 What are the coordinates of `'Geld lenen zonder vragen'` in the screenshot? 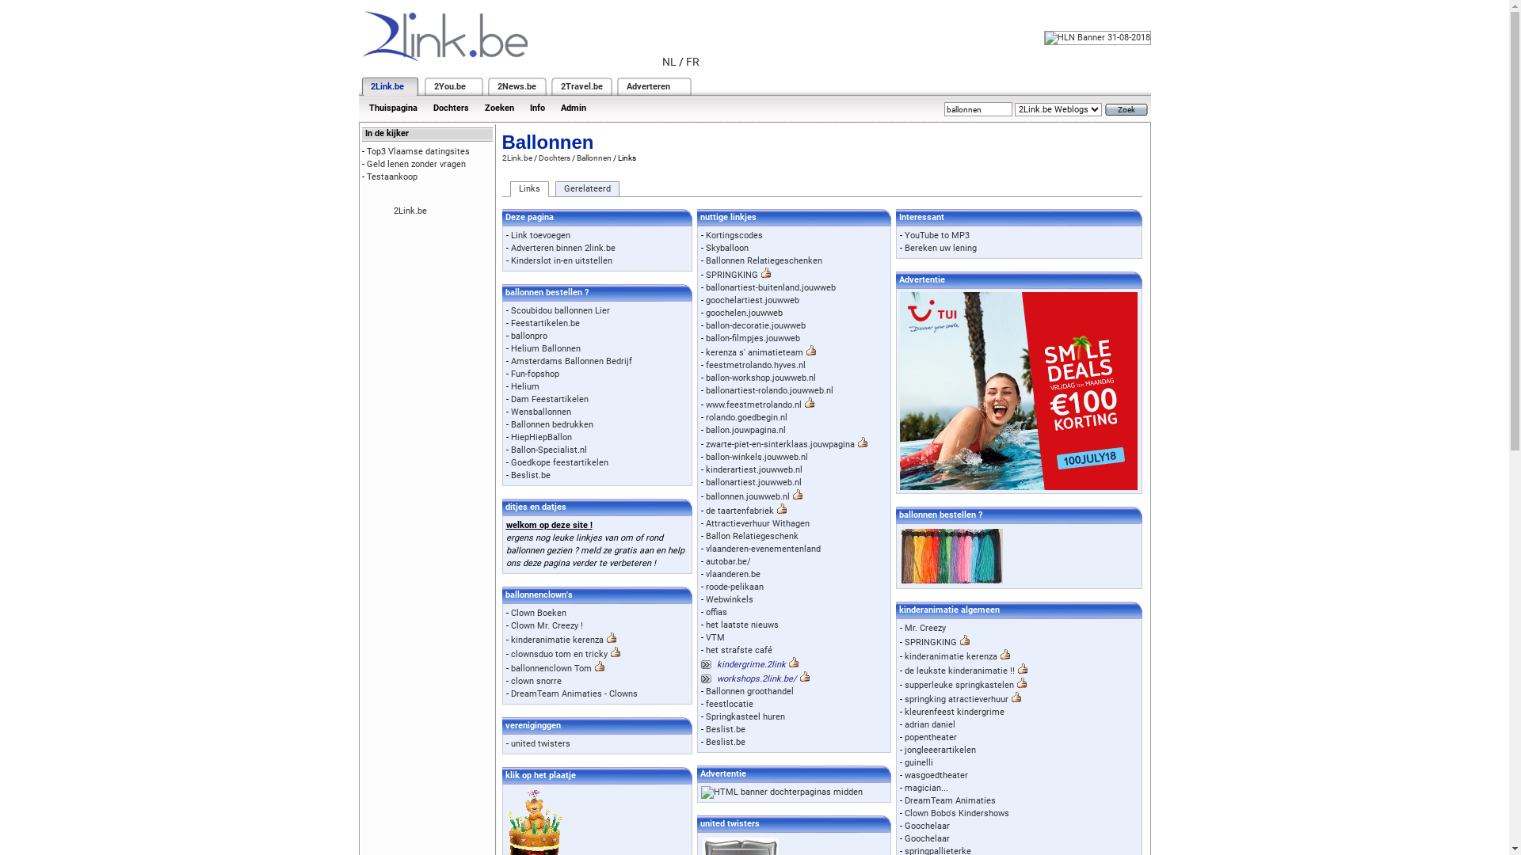 It's located at (415, 164).